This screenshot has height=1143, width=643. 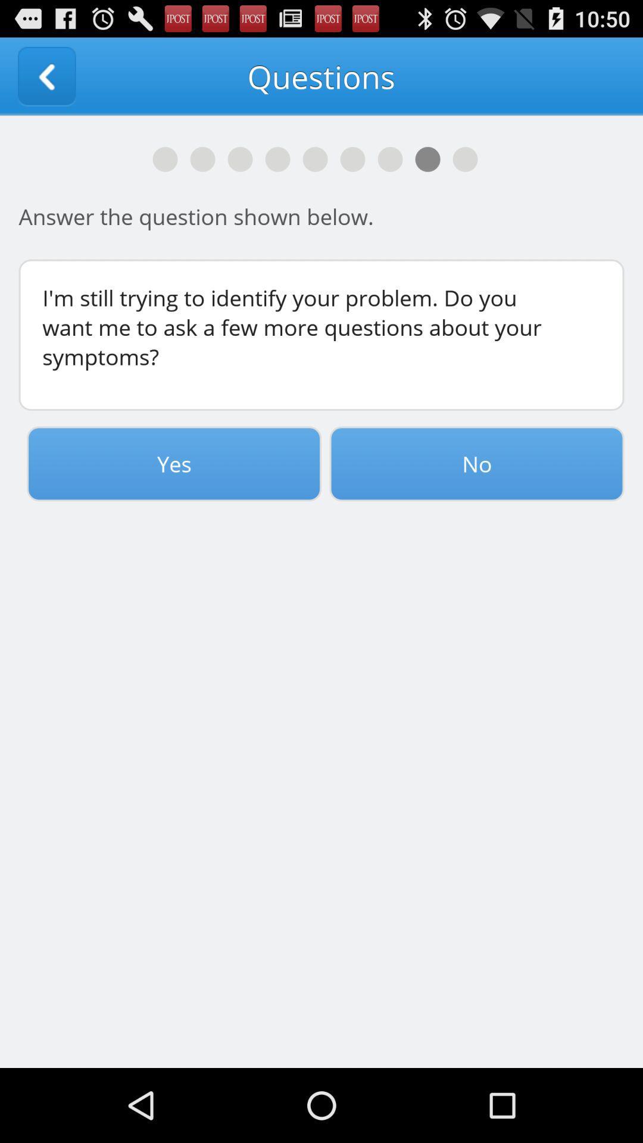 I want to click on the icon below the i m still, so click(x=174, y=463).